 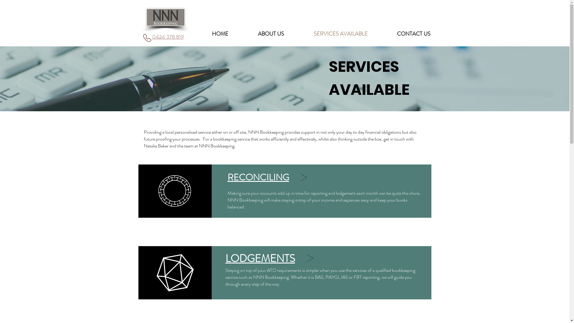 What do you see at coordinates (413, 33) in the screenshot?
I see `'CONTACT US'` at bounding box center [413, 33].